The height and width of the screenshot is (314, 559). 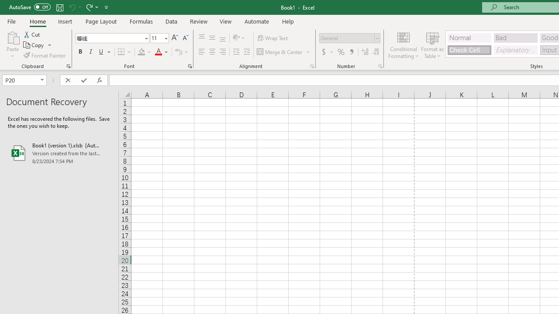 What do you see at coordinates (280, 52) in the screenshot?
I see `'Merge & Center'` at bounding box center [280, 52].